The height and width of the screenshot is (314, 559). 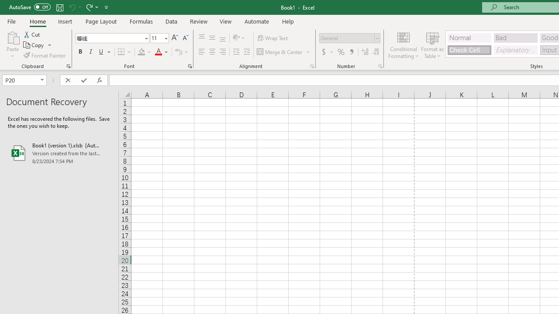 What do you see at coordinates (280, 52) in the screenshot?
I see `'Merge & Center'` at bounding box center [280, 52].